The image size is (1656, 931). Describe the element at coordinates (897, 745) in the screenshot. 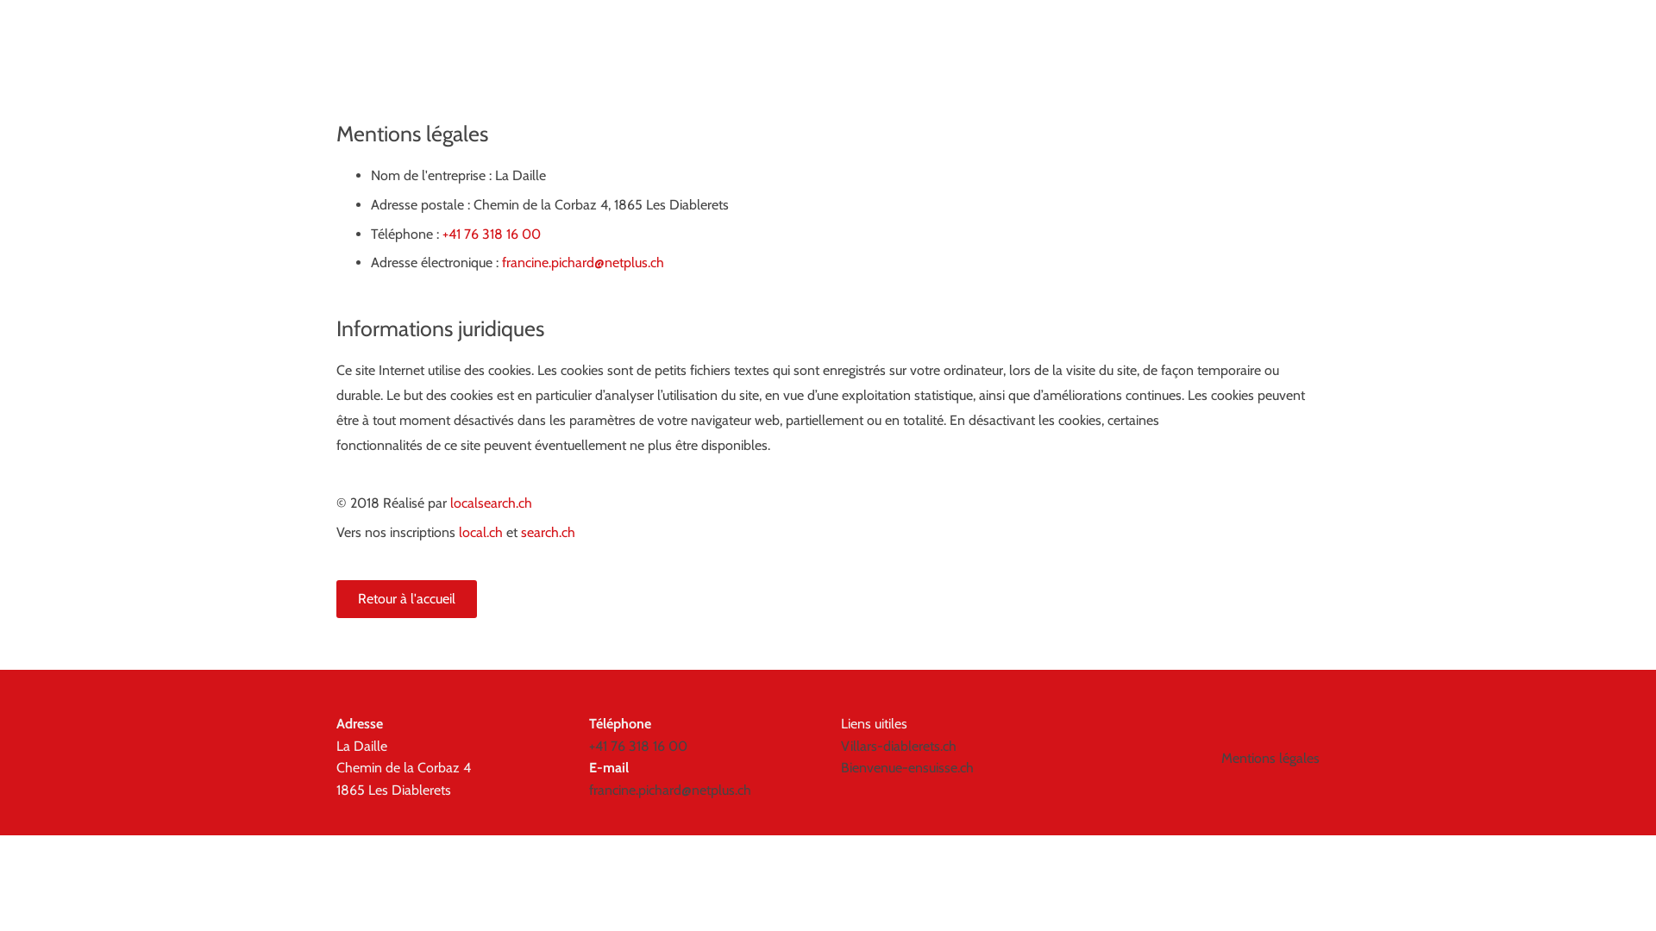

I see `'Villars-diablerets.ch'` at that location.